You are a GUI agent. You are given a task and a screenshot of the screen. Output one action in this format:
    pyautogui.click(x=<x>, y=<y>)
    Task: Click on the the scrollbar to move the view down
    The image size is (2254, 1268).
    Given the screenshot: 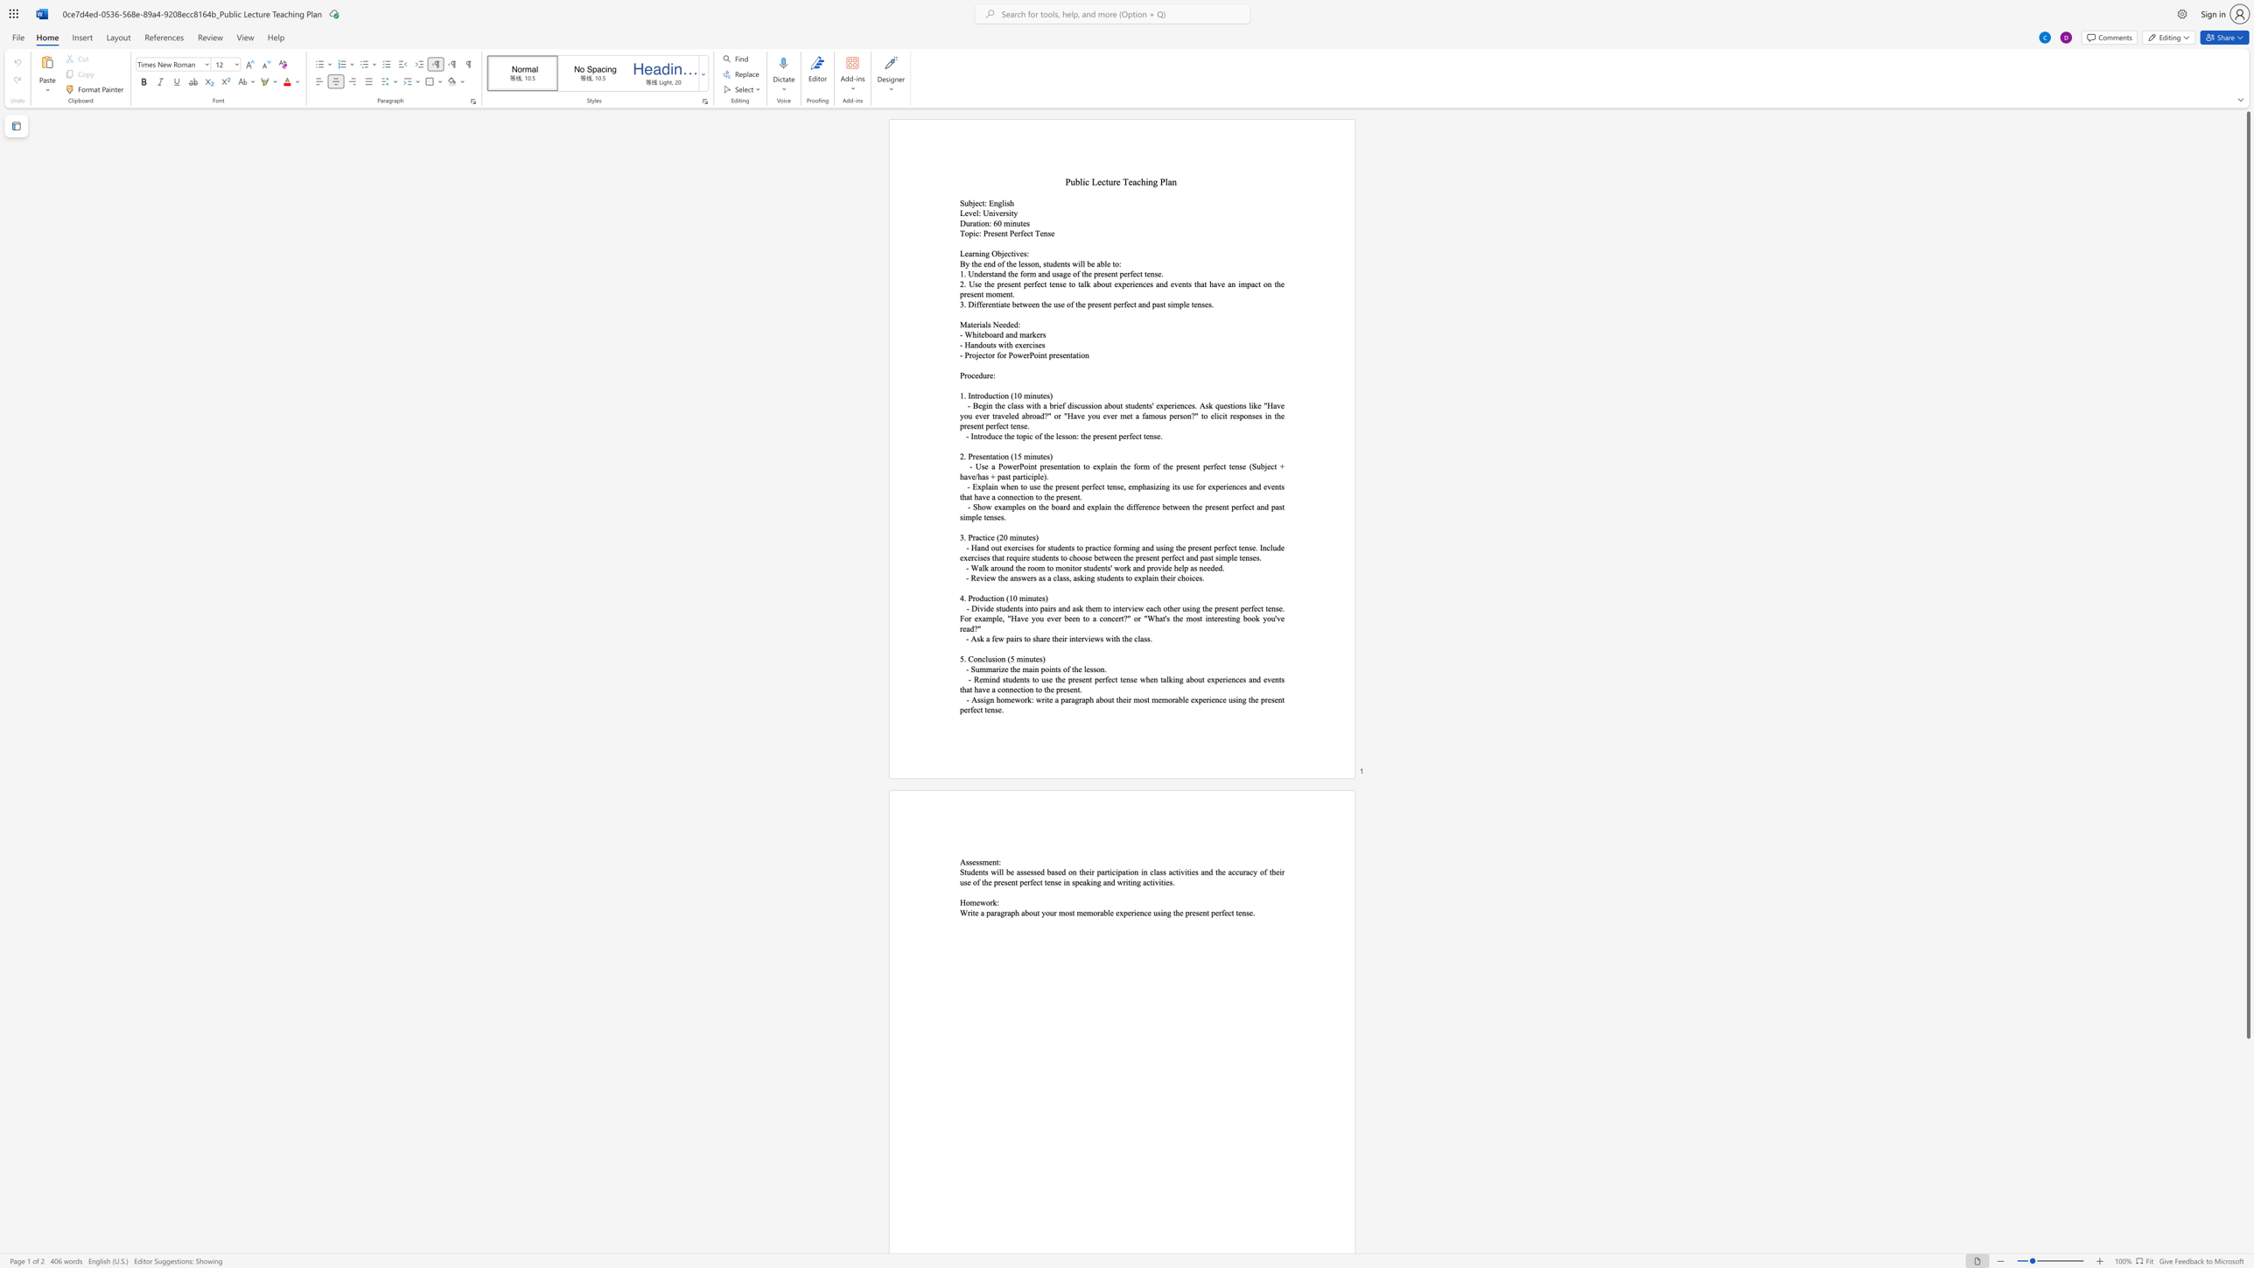 What is the action you would take?
    pyautogui.click(x=2247, y=1110)
    